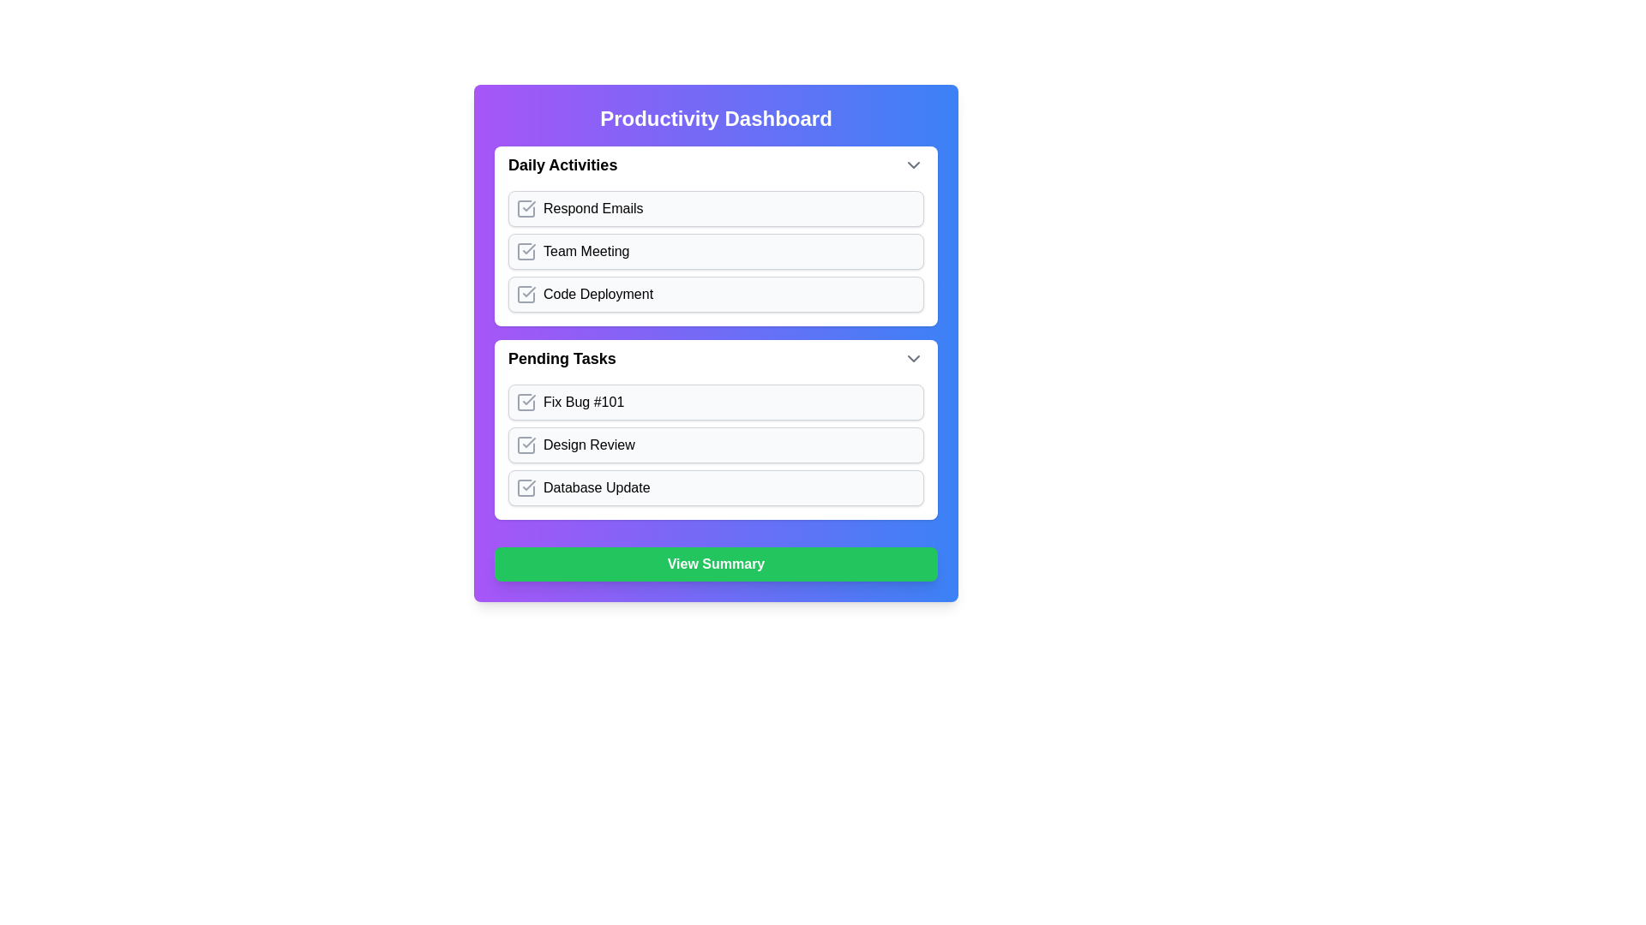 This screenshot has width=1646, height=925. Describe the element at coordinates (716, 448) in the screenshot. I see `the 'Design Review' checkbox located within the lower section of the 'Pending Tasks' panel, which contains multiple interactive list items` at that location.